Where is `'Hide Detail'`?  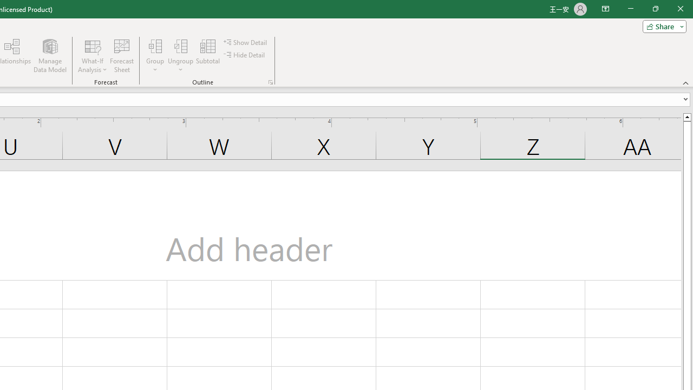 'Hide Detail' is located at coordinates (245, 55).